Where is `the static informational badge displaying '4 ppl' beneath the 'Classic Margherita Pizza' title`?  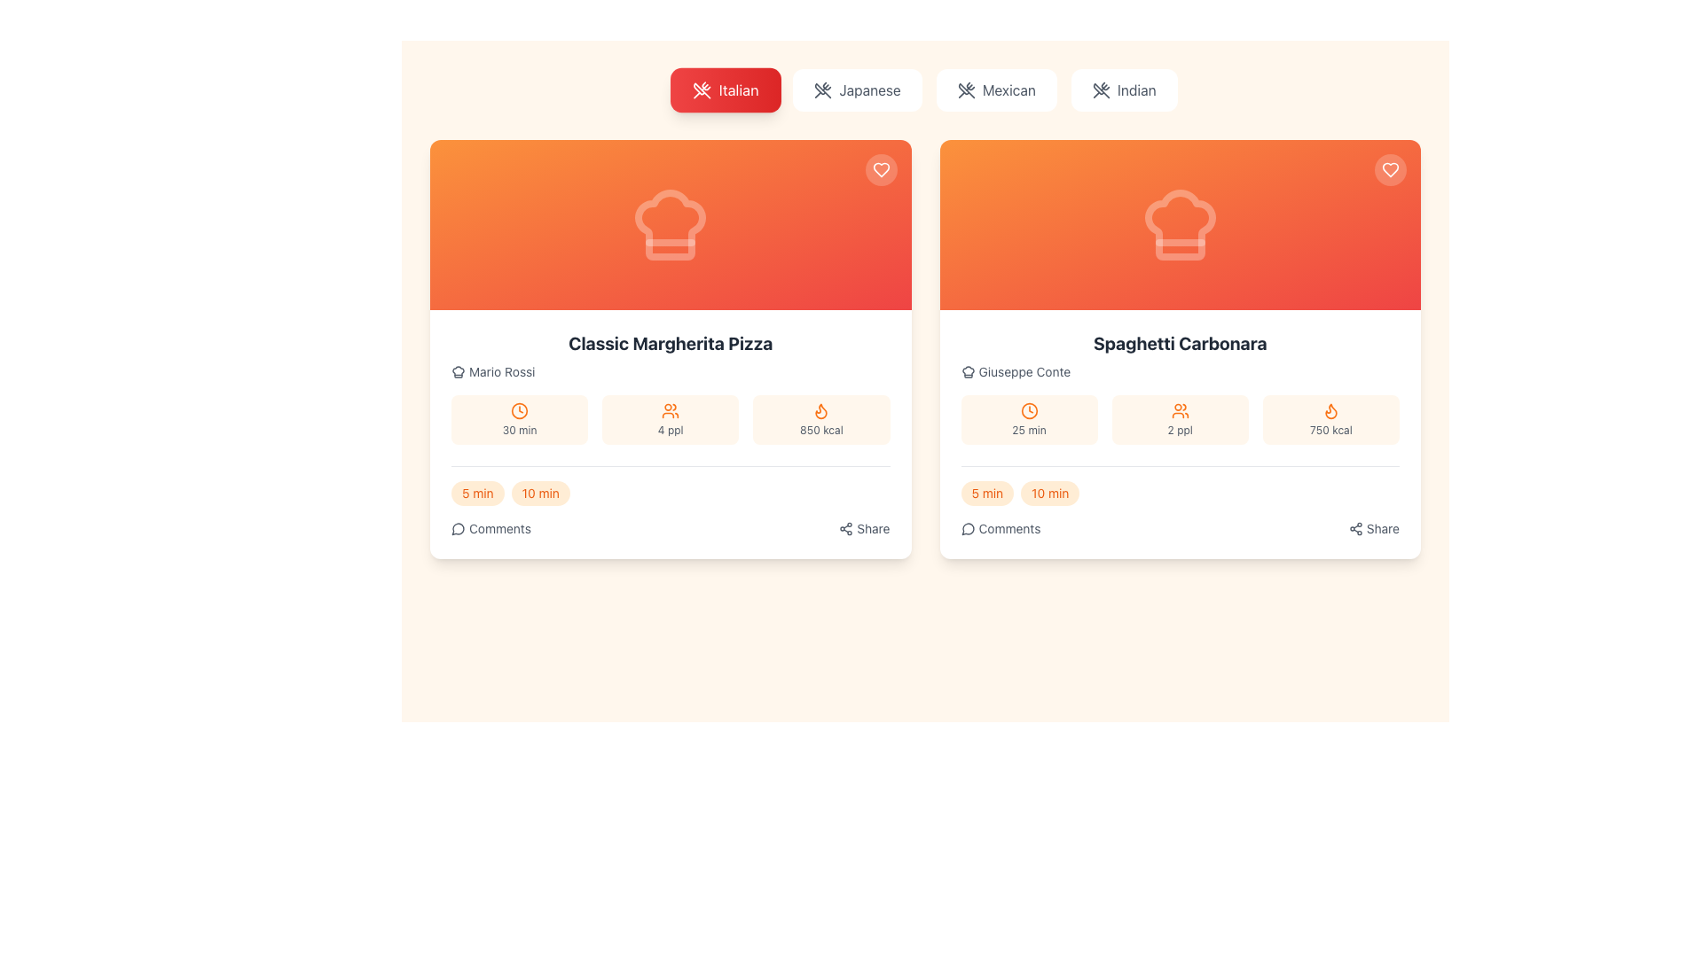
the static informational badge displaying '4 ppl' beneath the 'Classic Margherita Pizza' title is located at coordinates (670, 420).